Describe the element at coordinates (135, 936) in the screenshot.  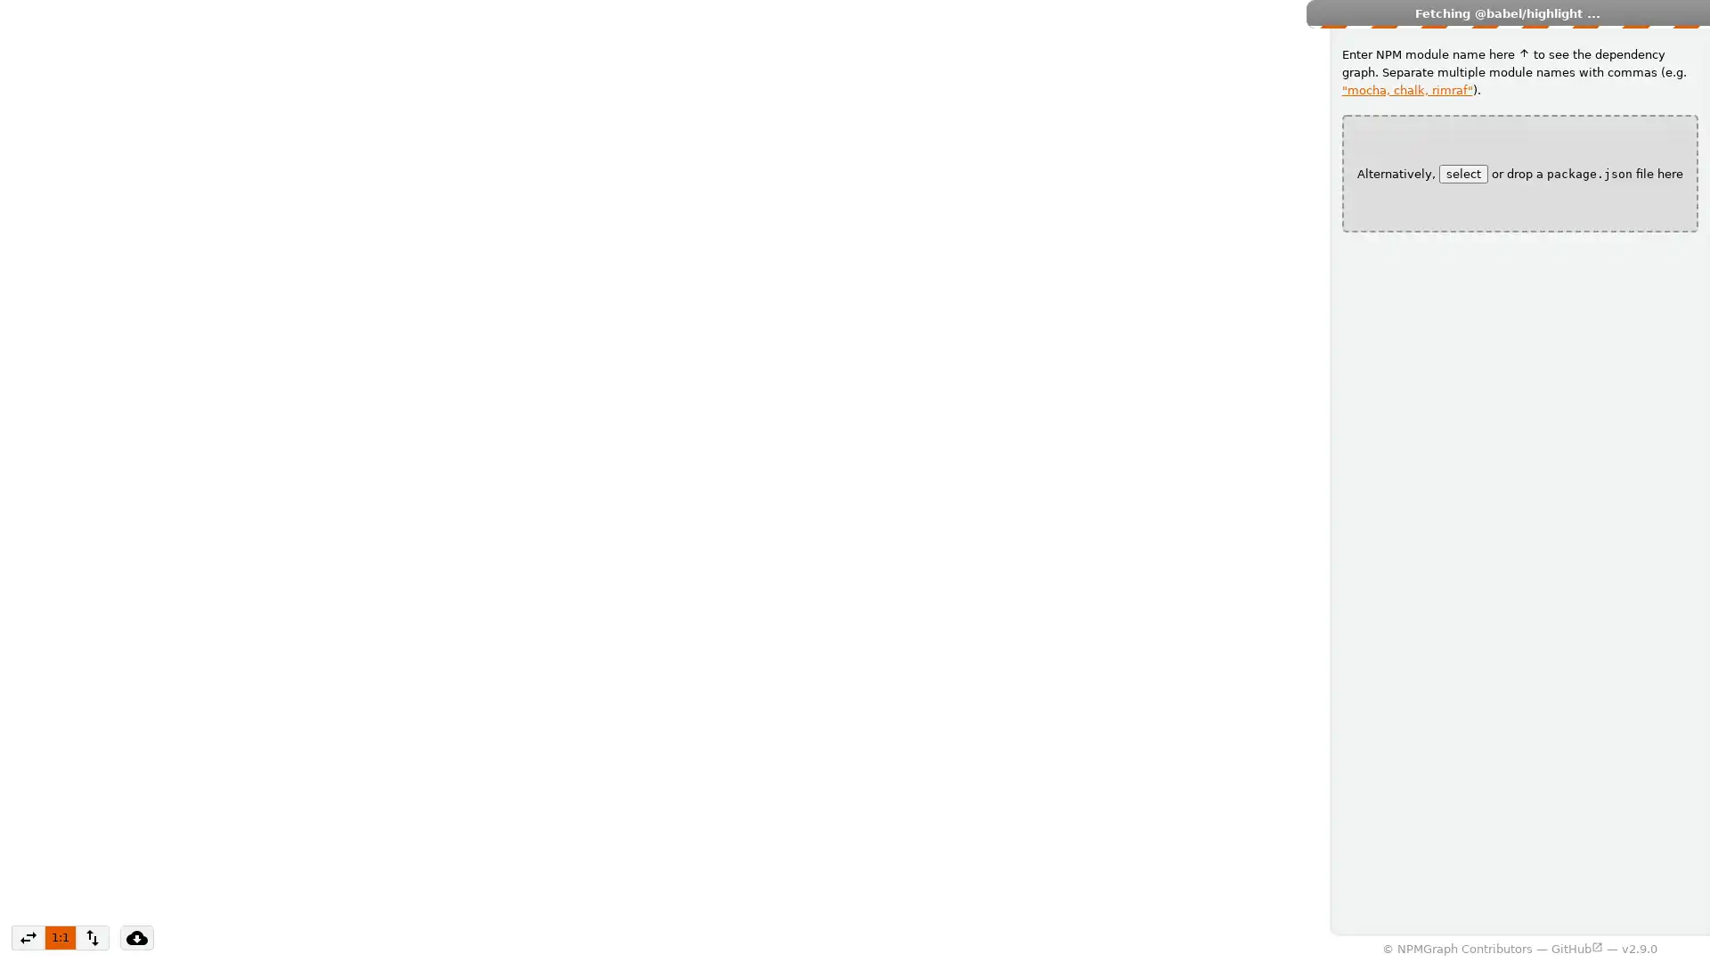
I see `cloud_download` at that location.